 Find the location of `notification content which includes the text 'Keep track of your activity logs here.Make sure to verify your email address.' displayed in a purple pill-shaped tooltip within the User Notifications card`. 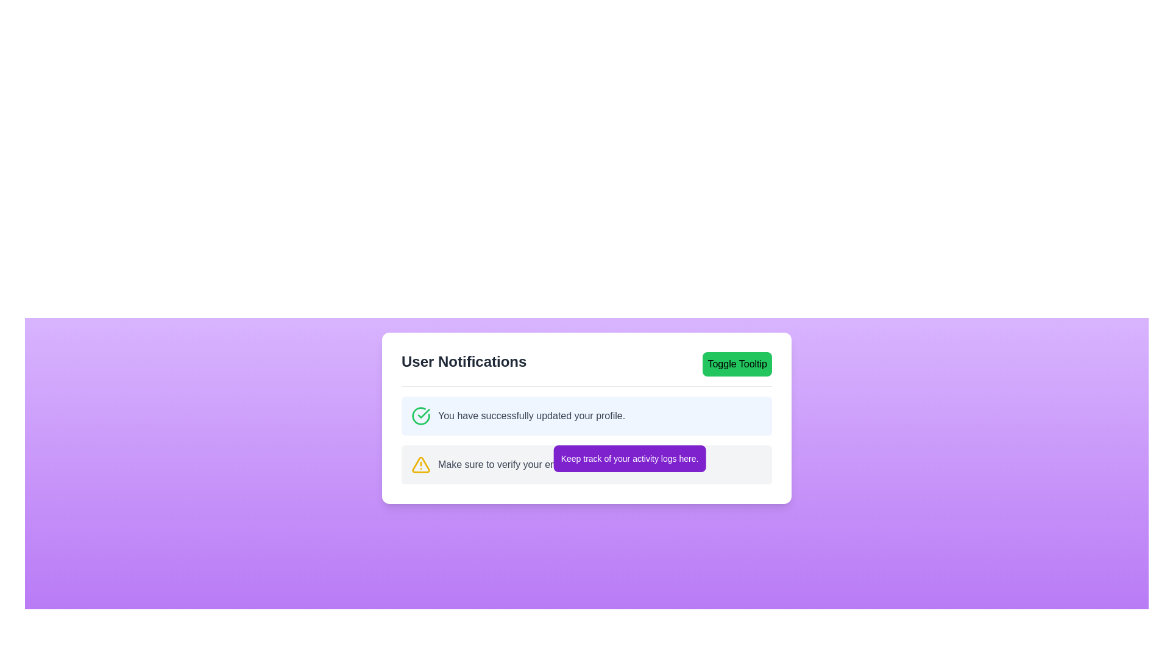

notification content which includes the text 'Keep track of your activity logs here.Make sure to verify your email address.' displayed in a purple pill-shaped tooltip within the User Notifications card is located at coordinates (587, 440).